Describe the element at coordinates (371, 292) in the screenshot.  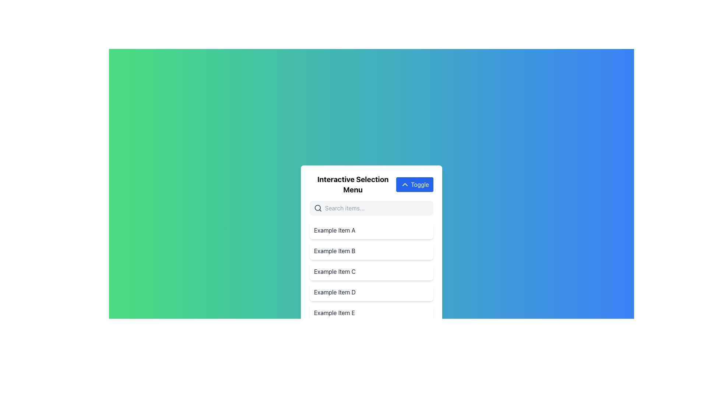
I see `the fourth item in the selectable list under the 'Interactive Selection Menu', positioned between 'Example Item C' and 'Example Item E'` at that location.